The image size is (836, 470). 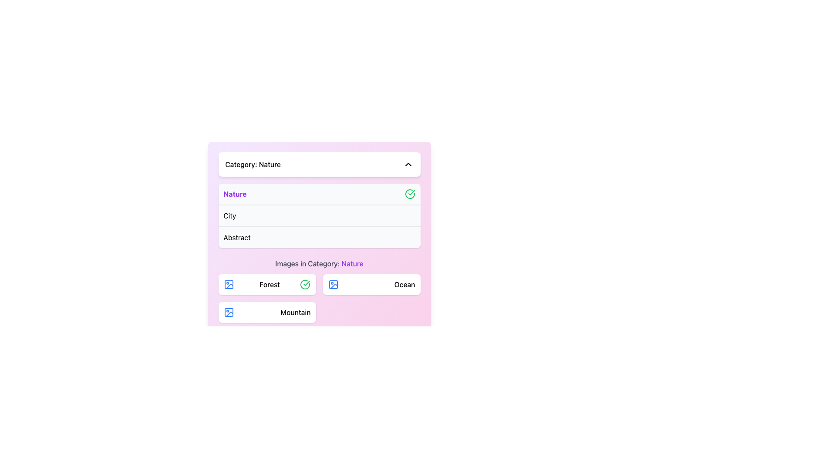 I want to click on the 'Ocean' text label within the 'Images in Category: Nature' section, so click(x=404, y=285).